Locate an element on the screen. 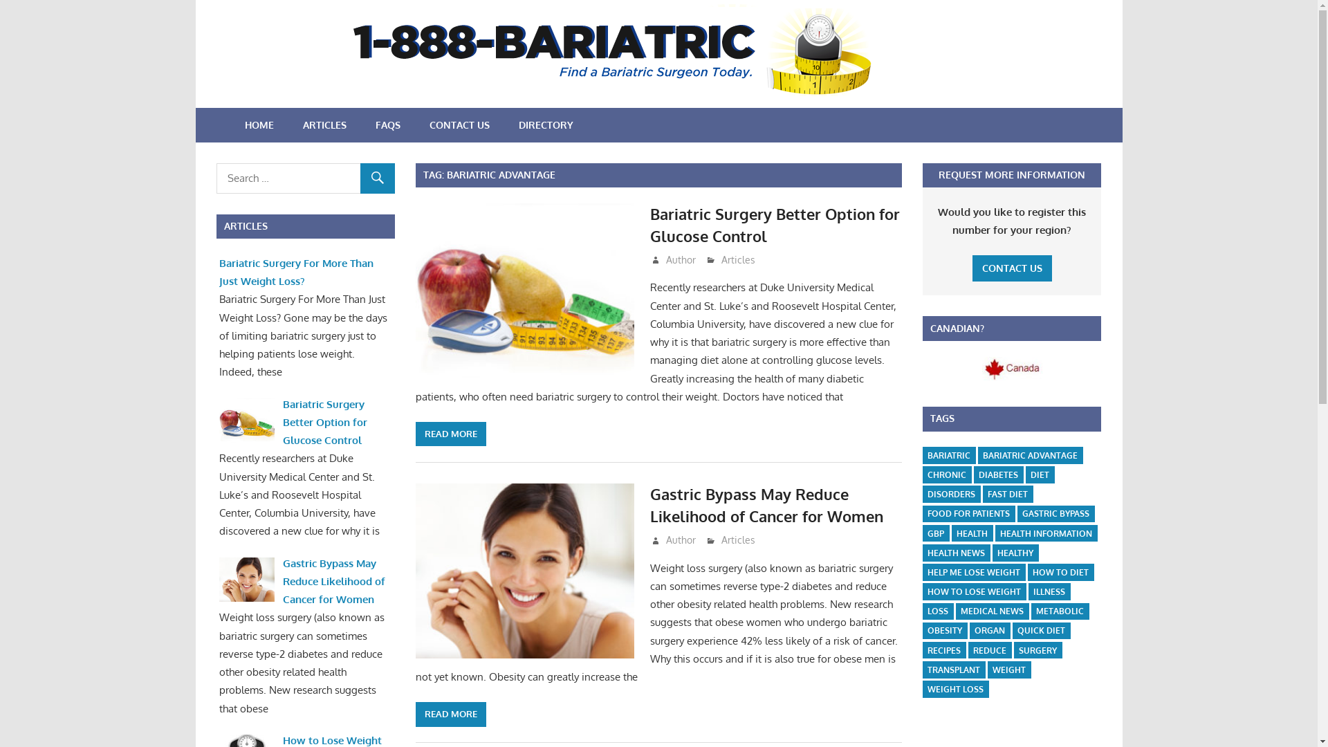  'DIABETES' is located at coordinates (998, 474).